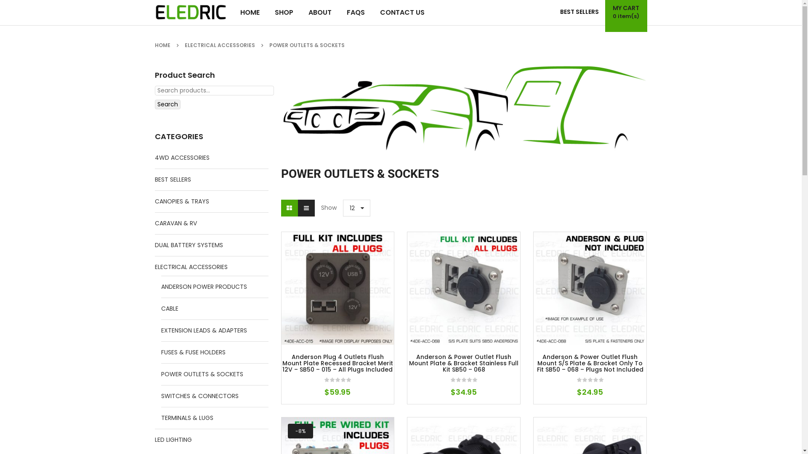 The height and width of the screenshot is (454, 808). I want to click on 'FAQS', so click(356, 13).